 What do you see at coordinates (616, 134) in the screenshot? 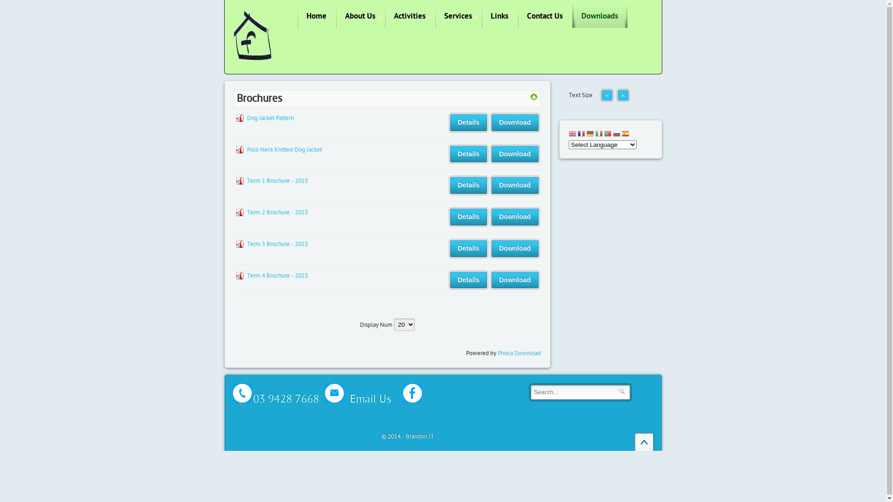
I see `'Russian'` at bounding box center [616, 134].